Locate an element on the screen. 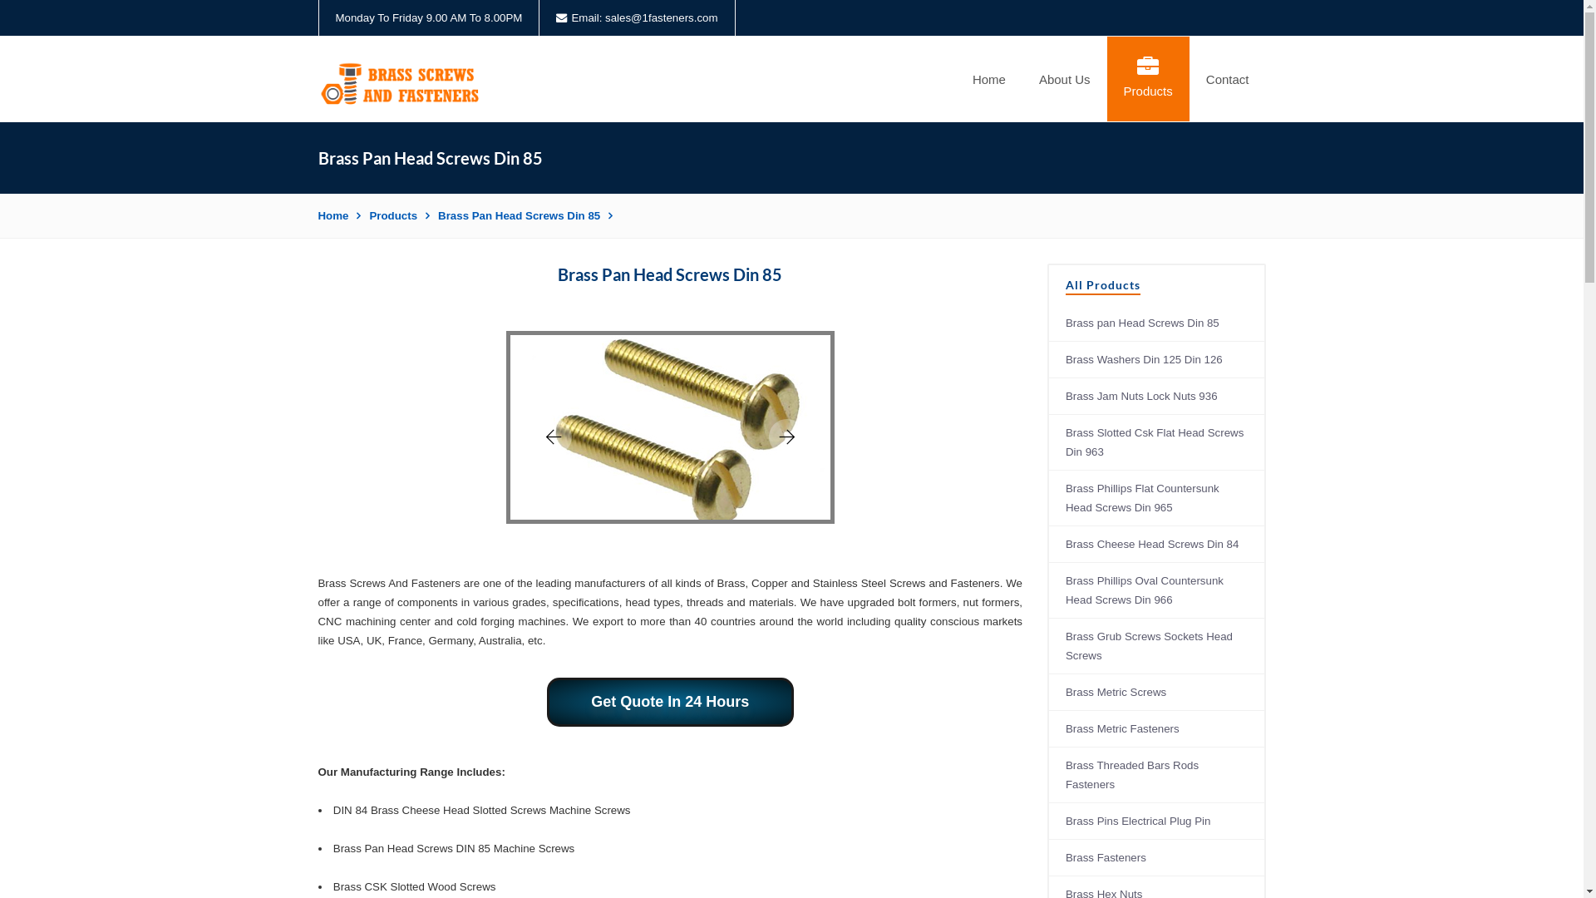  'Brass Fasteners' is located at coordinates (1155, 858).